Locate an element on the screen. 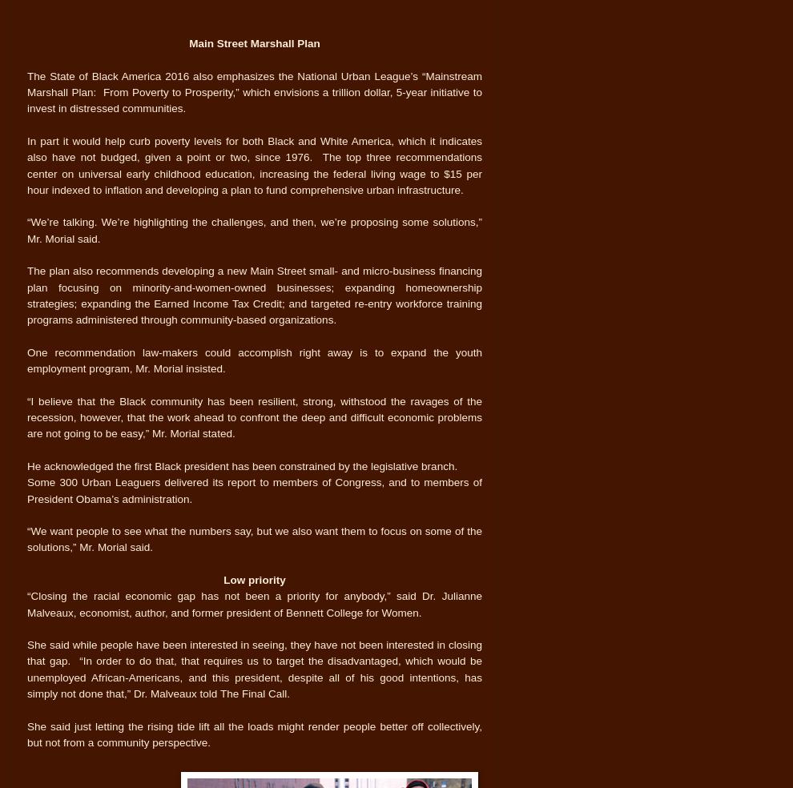 This screenshot has width=793, height=788. 'In part it would help curb poverty levels for both Black and White America, which it indicates also have not budged, given a point or two, since 1976.  The top three recommendations center on universal early childhood education, increasing the federal living wage to $15 per hour indexed to inflation and developing a plan to fund comprehensive urban infrastructure.' is located at coordinates (253, 164).